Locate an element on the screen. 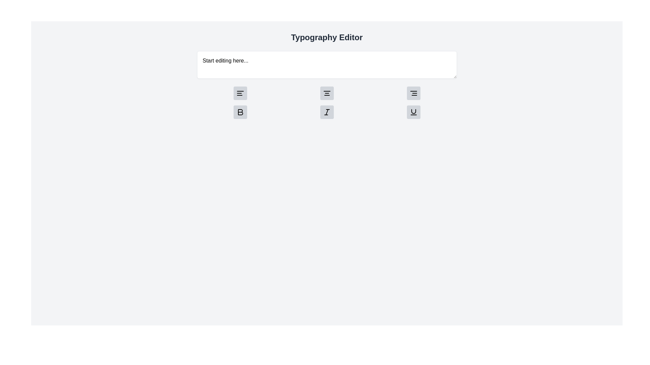 This screenshot has width=650, height=365. the gray button with rounded corners that contains a centered icon for text alignment to the center, located below the text input field 'Start editing here...' and above formatting options is located at coordinates (327, 93).